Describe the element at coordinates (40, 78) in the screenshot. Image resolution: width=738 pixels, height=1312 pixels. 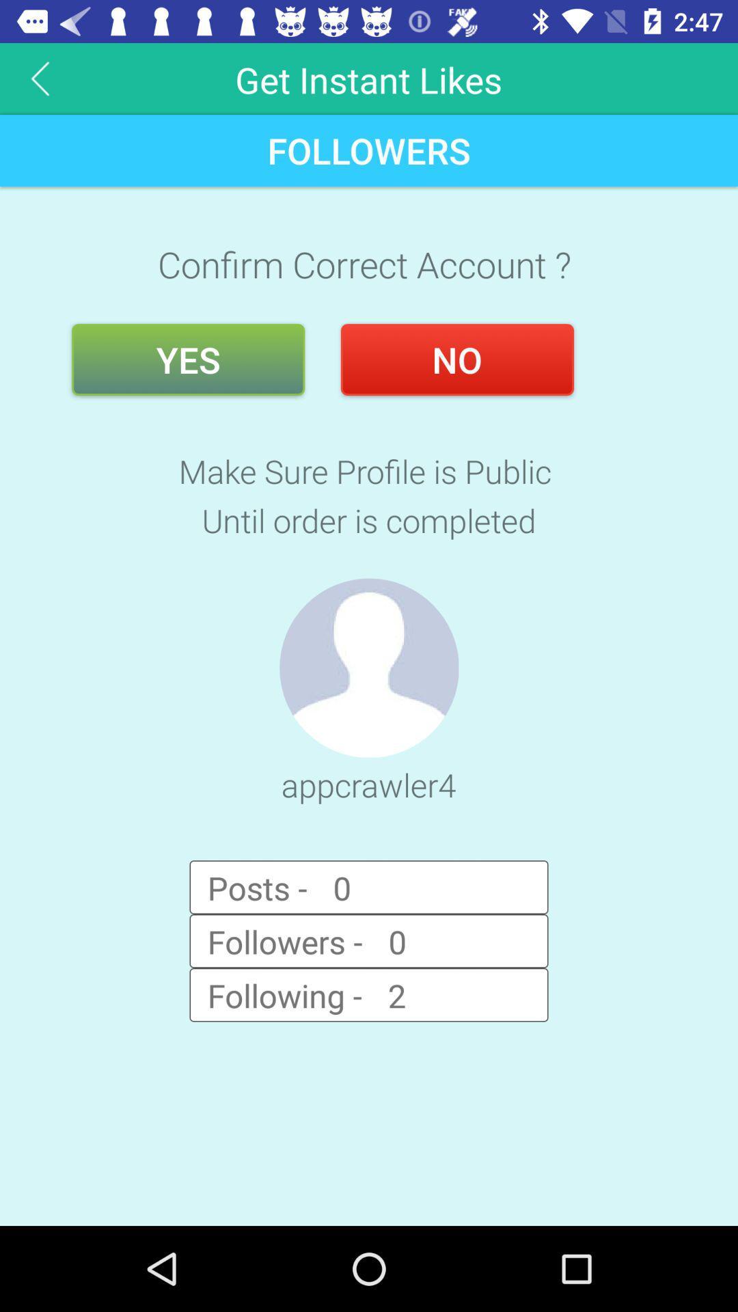
I see `item above the followers item` at that location.